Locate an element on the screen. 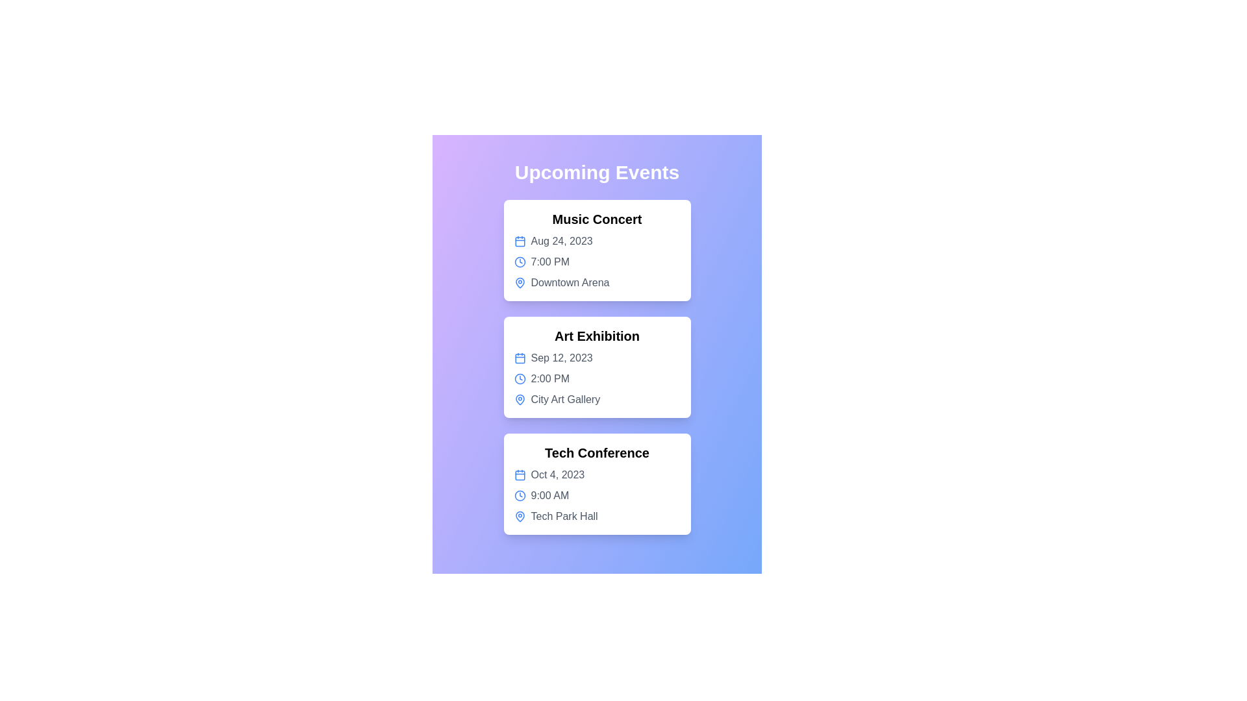 This screenshot has height=701, width=1247. the location or map pin icon adjacent to the text 'Downtown Arena' in the 'Music Concert' event card is located at coordinates (520, 399).